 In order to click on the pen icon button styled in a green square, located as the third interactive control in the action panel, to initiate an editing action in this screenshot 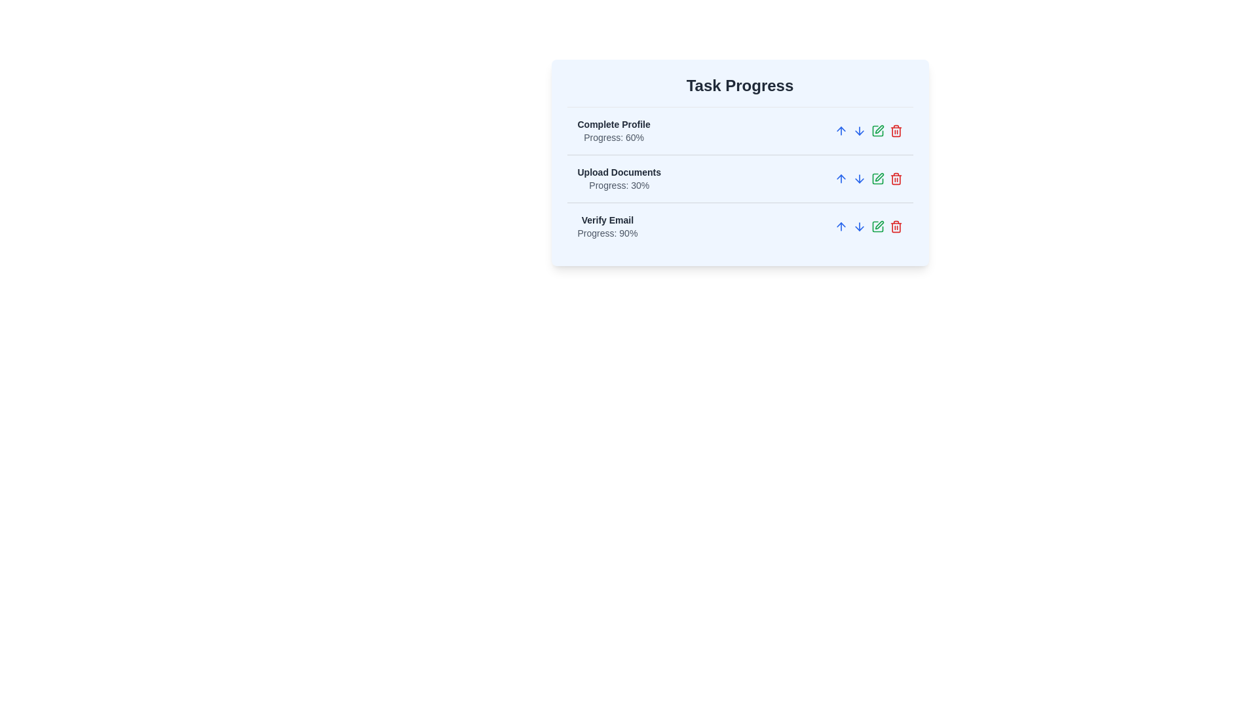, I will do `click(877, 131)`.